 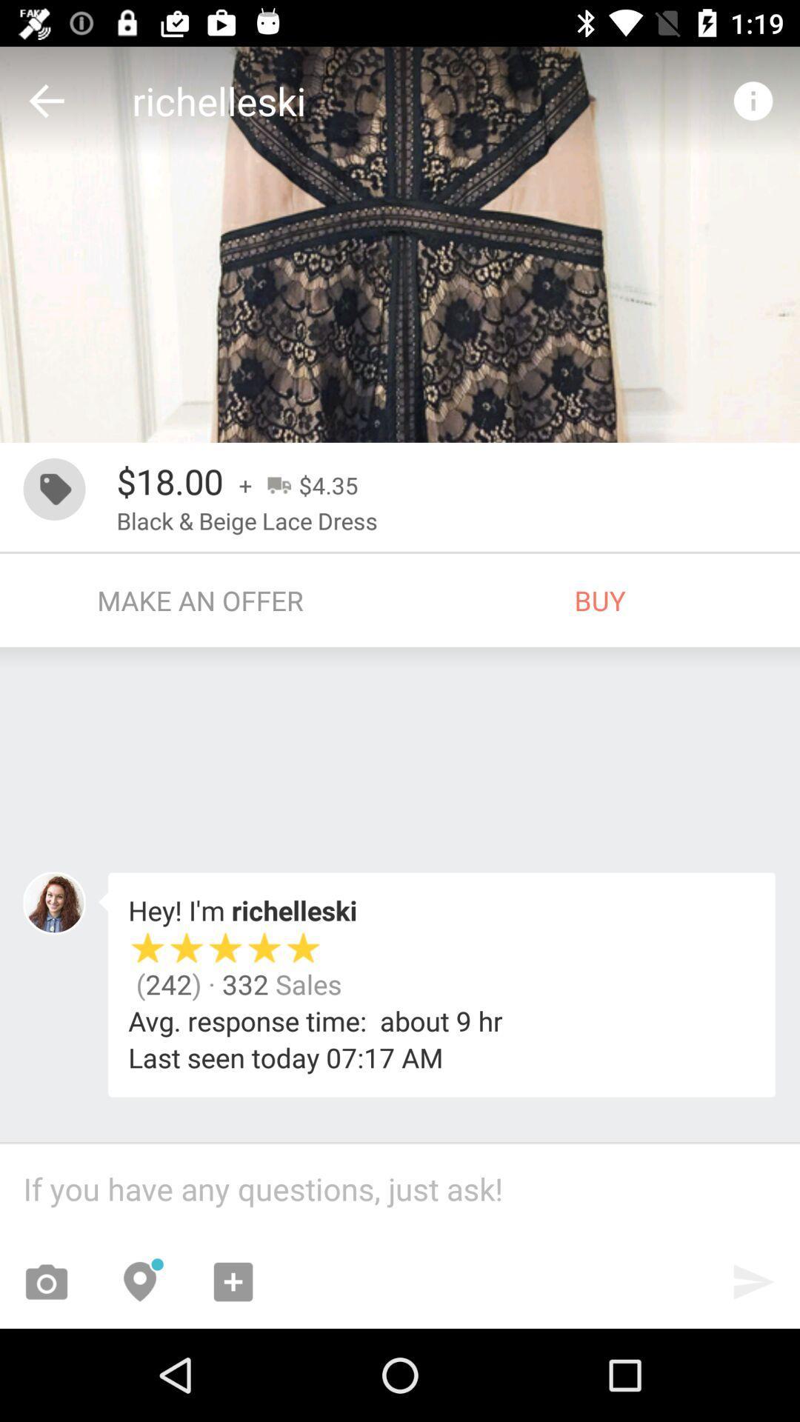 I want to click on the photo icon, so click(x=45, y=1281).